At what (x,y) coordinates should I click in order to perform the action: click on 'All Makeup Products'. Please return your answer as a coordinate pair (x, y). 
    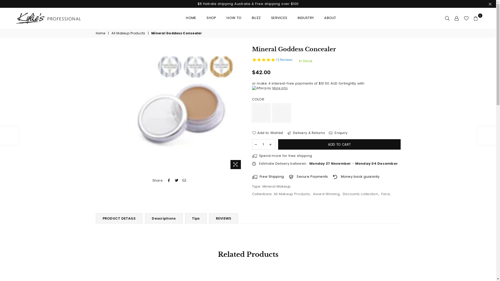
    Looking at the image, I should click on (292, 194).